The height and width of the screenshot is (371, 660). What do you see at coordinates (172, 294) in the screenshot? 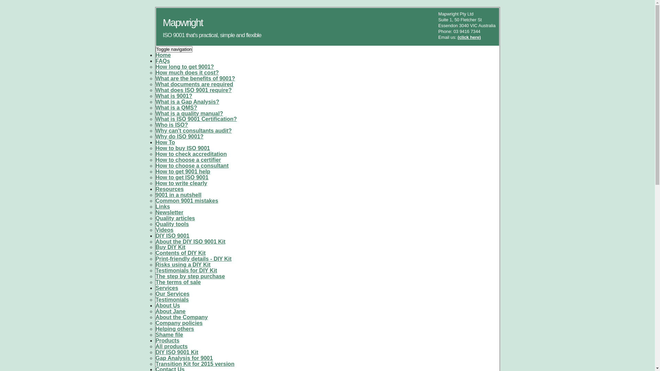
I see `'Our Services'` at bounding box center [172, 294].